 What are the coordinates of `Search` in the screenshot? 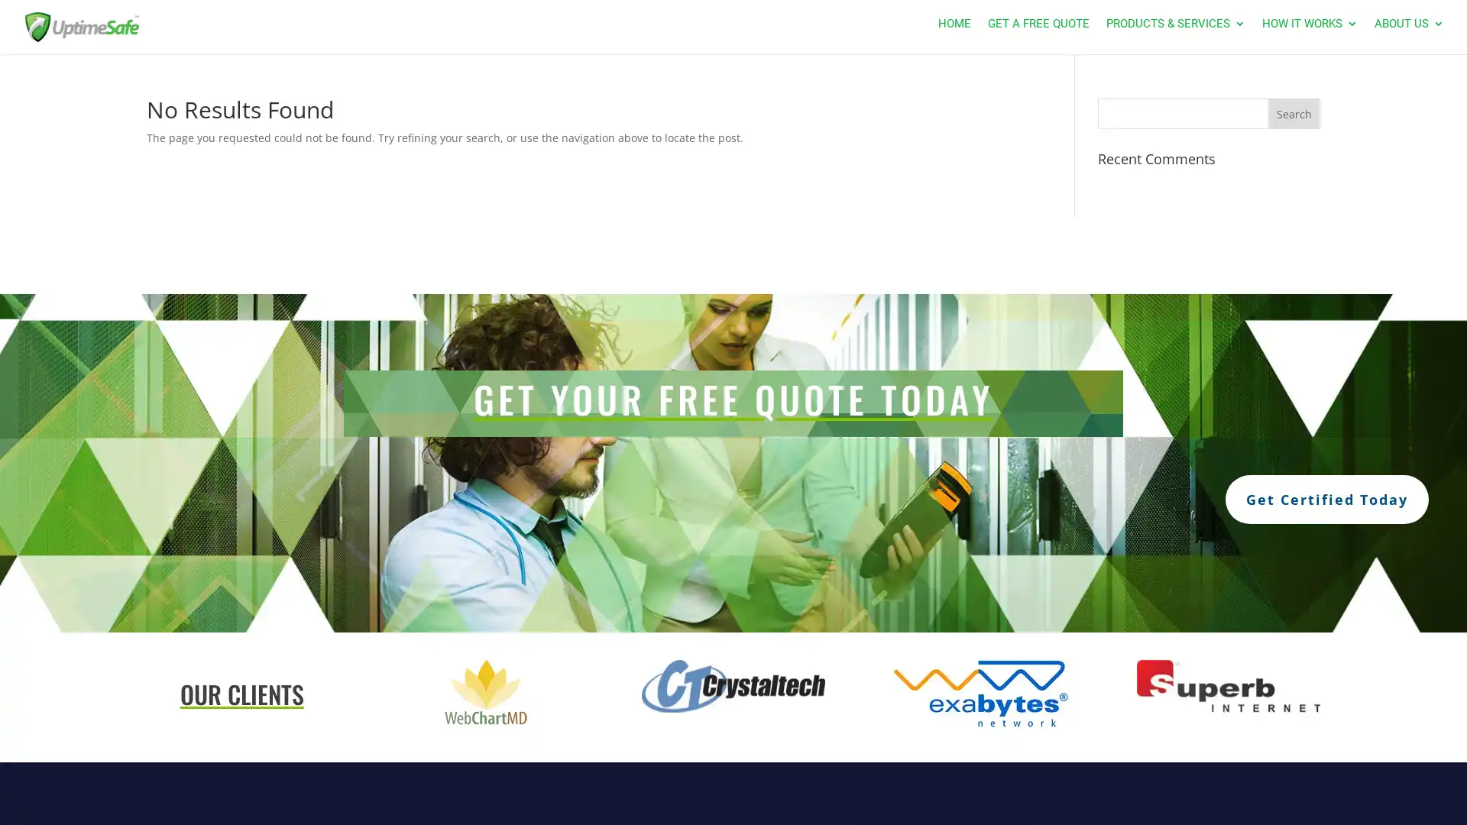 It's located at (1293, 113).